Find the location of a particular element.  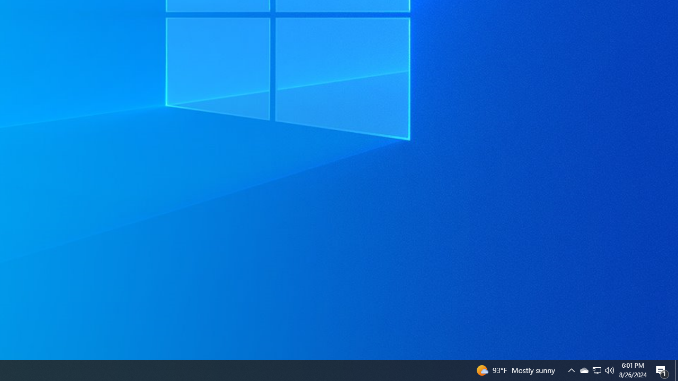

'Notification Chevron' is located at coordinates (597, 369).